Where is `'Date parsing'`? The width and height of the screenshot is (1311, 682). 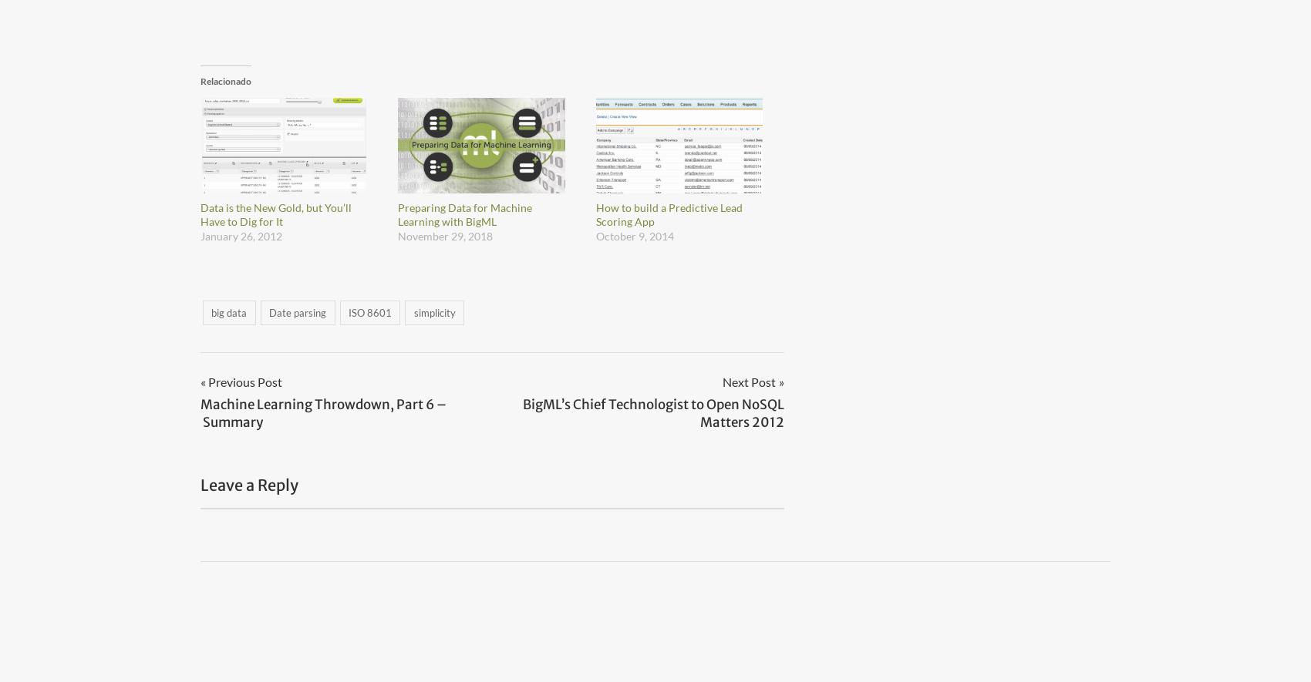 'Date parsing' is located at coordinates (297, 311).